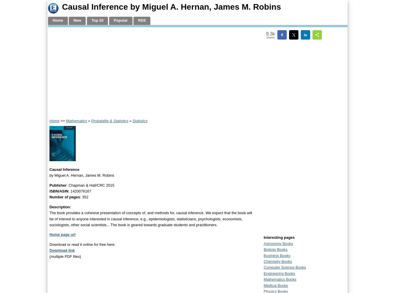  Describe the element at coordinates (263, 273) in the screenshot. I see `'Engineering Books'` at that location.